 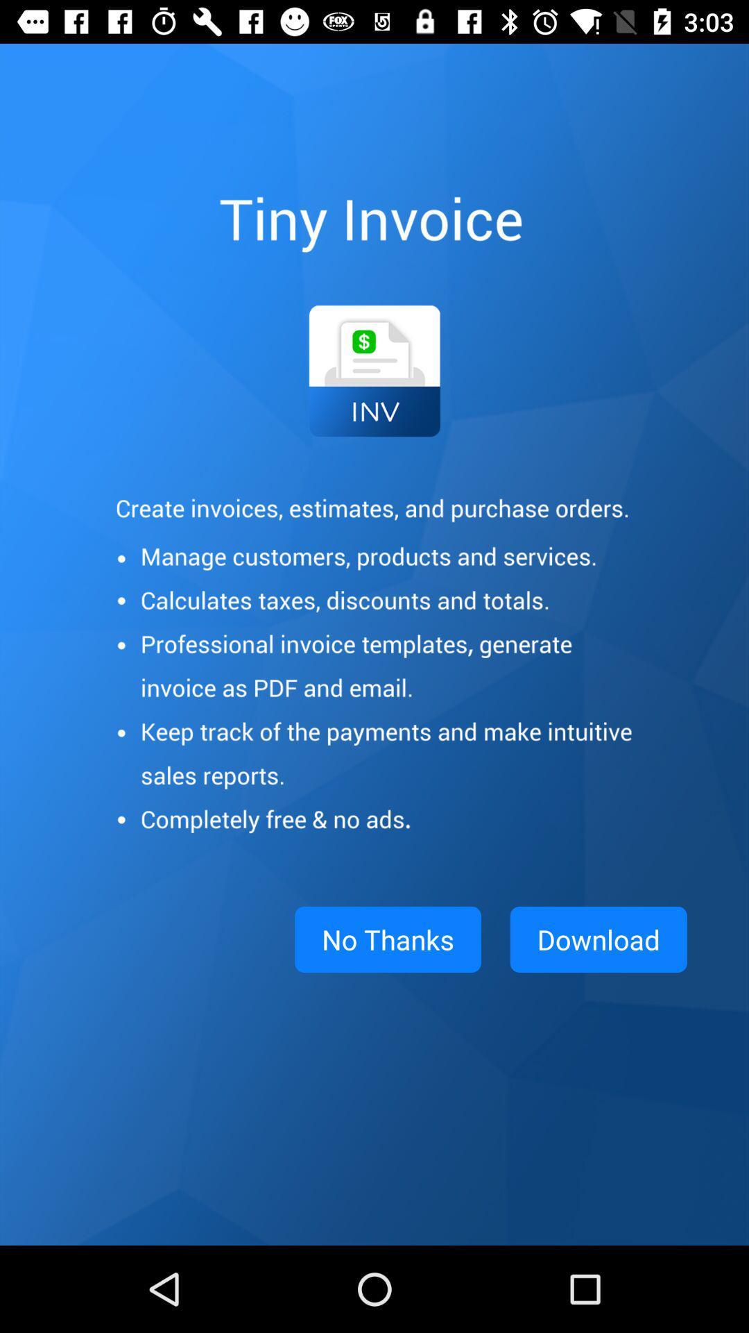 What do you see at coordinates (388, 939) in the screenshot?
I see `app to the left of download item` at bounding box center [388, 939].